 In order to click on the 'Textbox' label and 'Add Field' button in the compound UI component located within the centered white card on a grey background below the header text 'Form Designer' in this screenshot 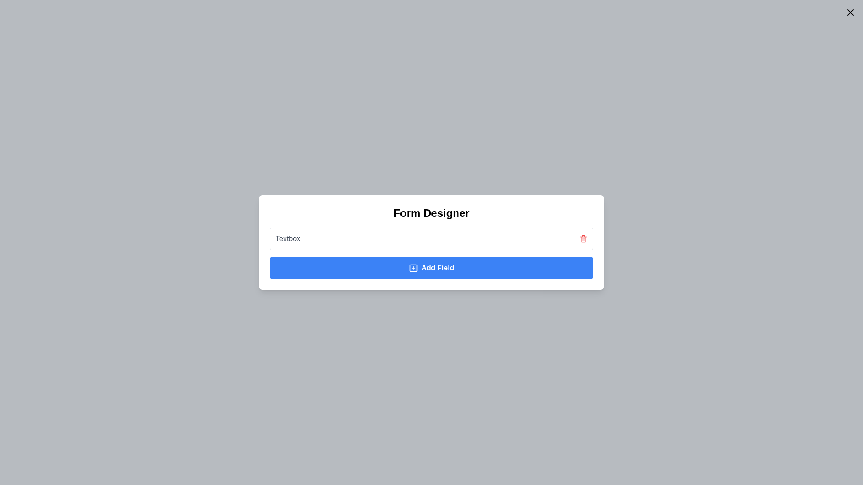, I will do `click(431, 253)`.